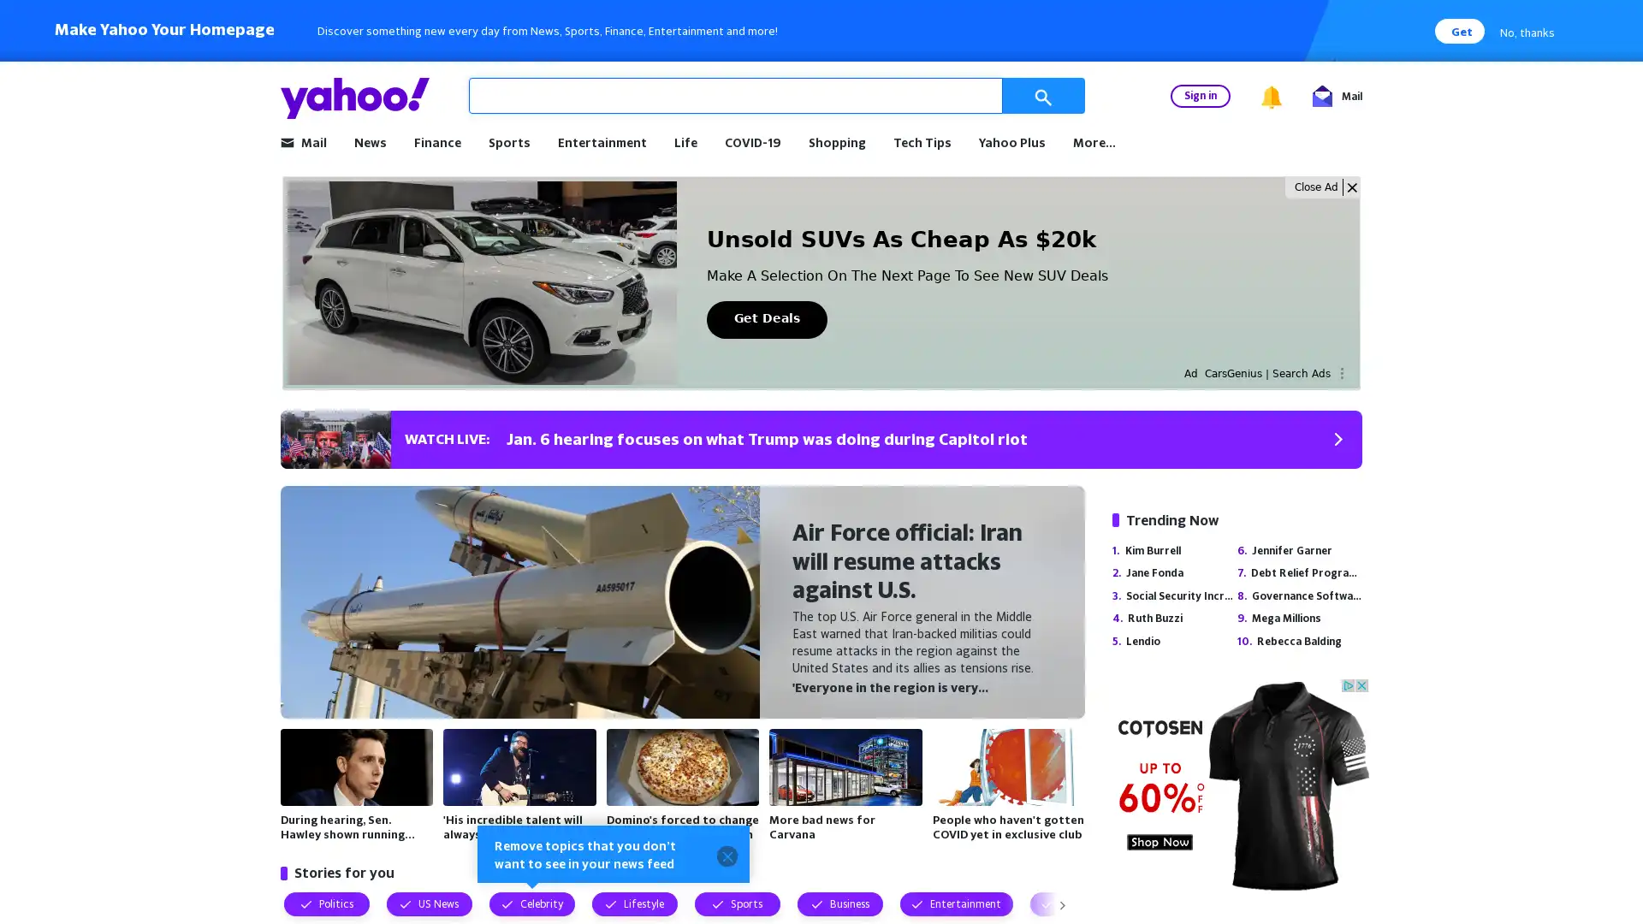 The width and height of the screenshot is (1643, 924). Describe the element at coordinates (1527, 33) in the screenshot. I see `No, thanks` at that location.